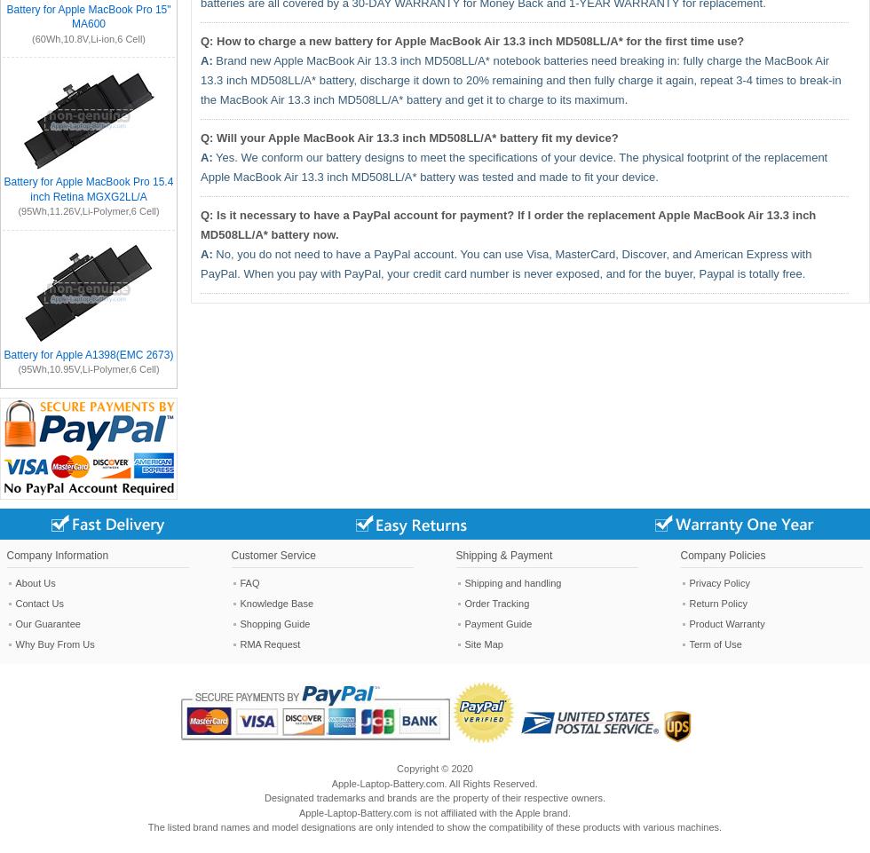 This screenshot has width=870, height=853. I want to click on 'Shipping & Payment', so click(503, 555).